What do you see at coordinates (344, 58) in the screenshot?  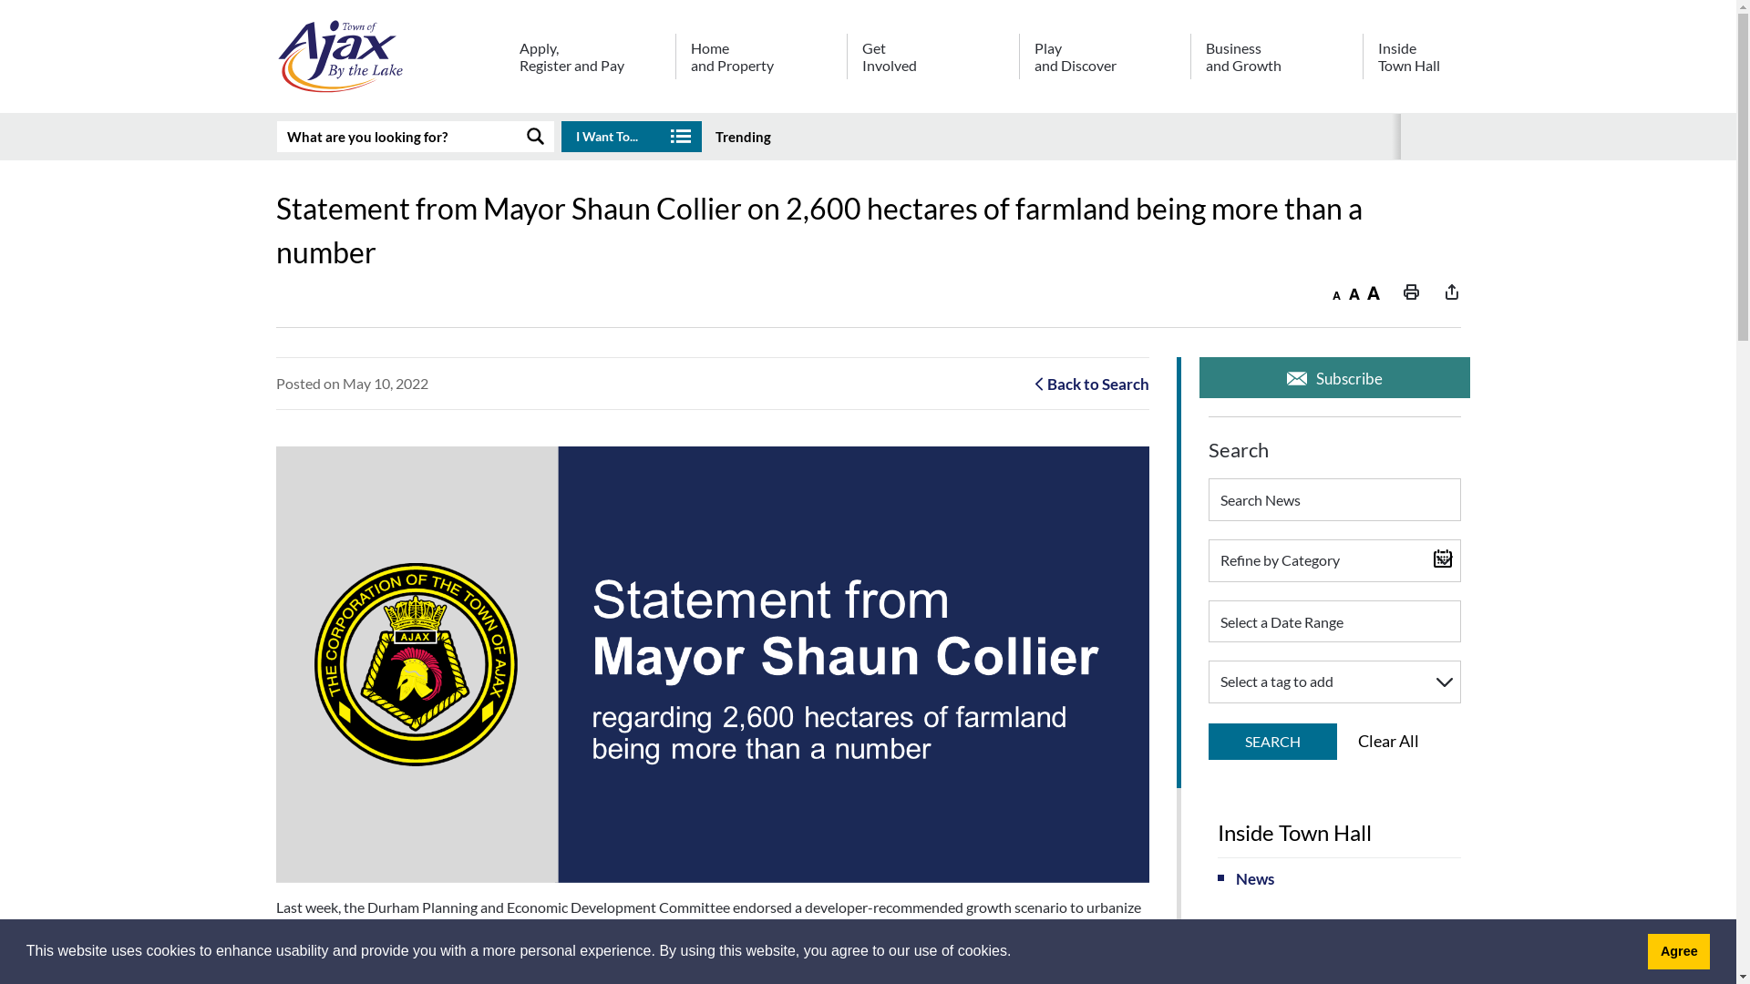 I see `'View our Homepage'` at bounding box center [344, 58].